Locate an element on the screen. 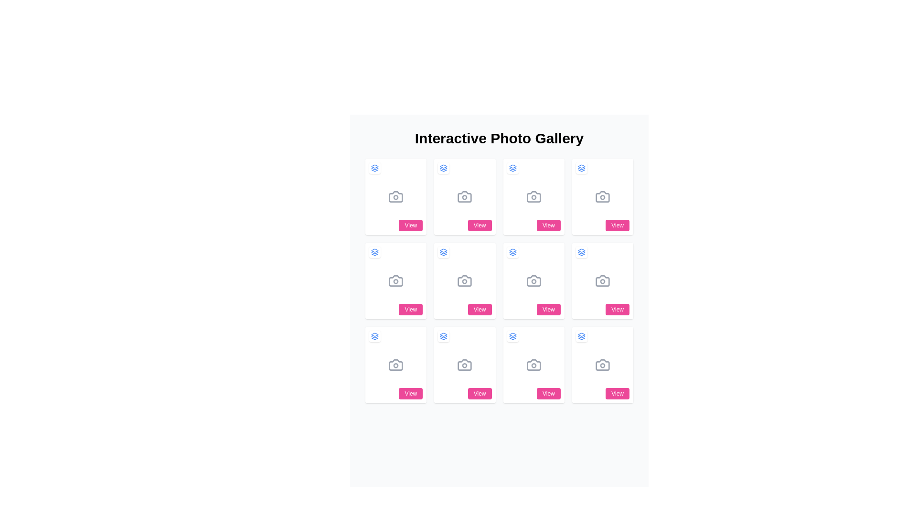 The height and width of the screenshot is (516, 917). the photo capture icon located in the upper portion of the card in the second row and first column of the interactive photo gallery is located at coordinates (396, 280).